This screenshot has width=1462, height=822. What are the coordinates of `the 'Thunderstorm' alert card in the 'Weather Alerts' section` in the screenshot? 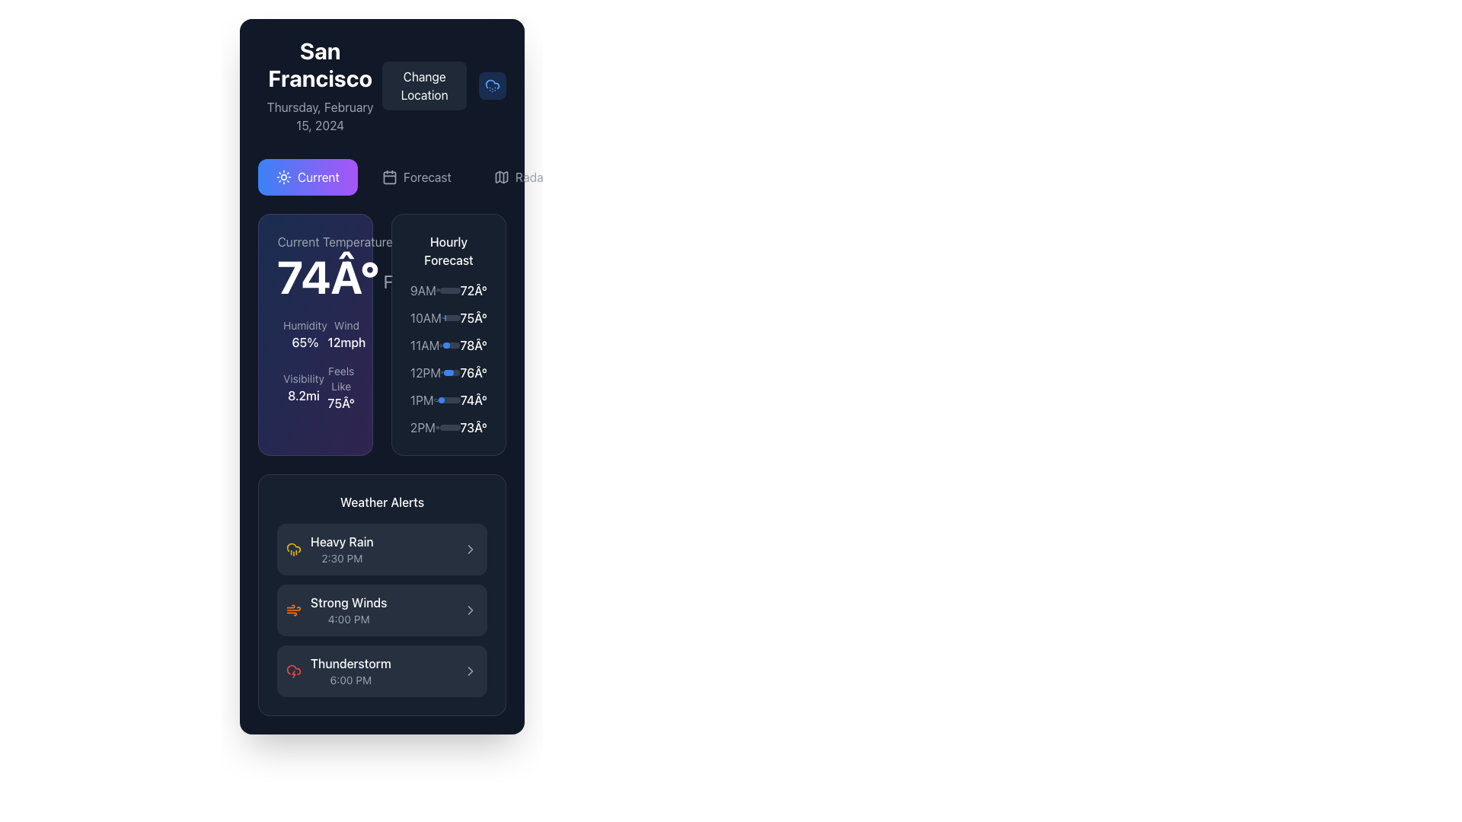 It's located at (382, 671).